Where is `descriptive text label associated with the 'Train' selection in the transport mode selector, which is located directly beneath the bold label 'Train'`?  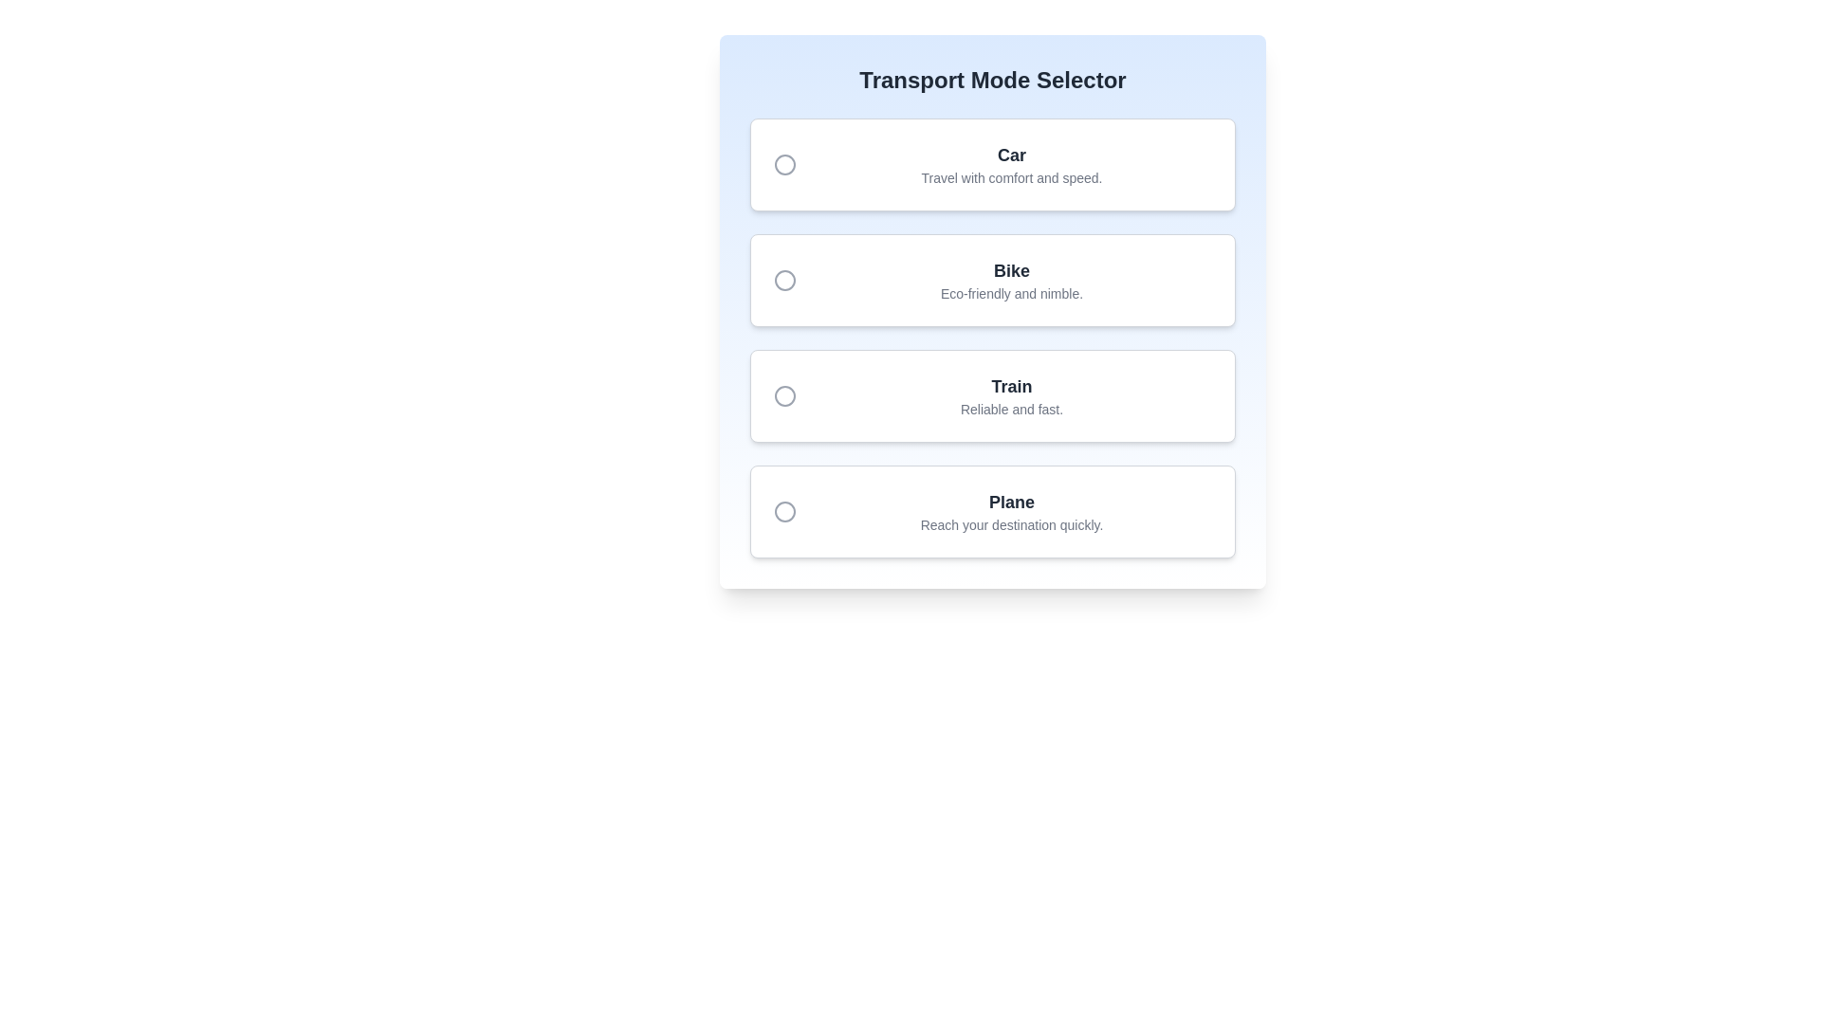
descriptive text label associated with the 'Train' selection in the transport mode selector, which is located directly beneath the bold label 'Train' is located at coordinates (1010, 409).